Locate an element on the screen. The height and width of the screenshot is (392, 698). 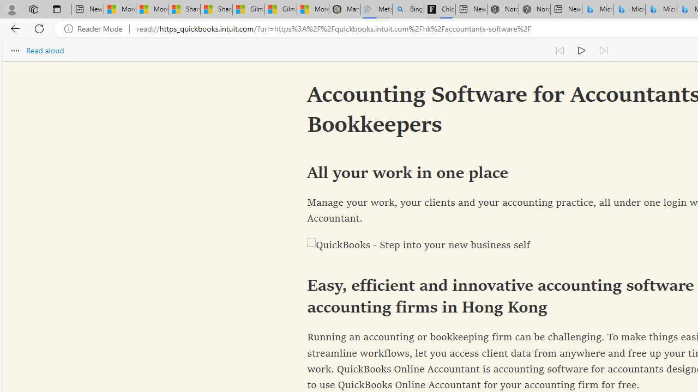
'Shanghai, China weather forecast | Microsoft Weather' is located at coordinates (216, 9).